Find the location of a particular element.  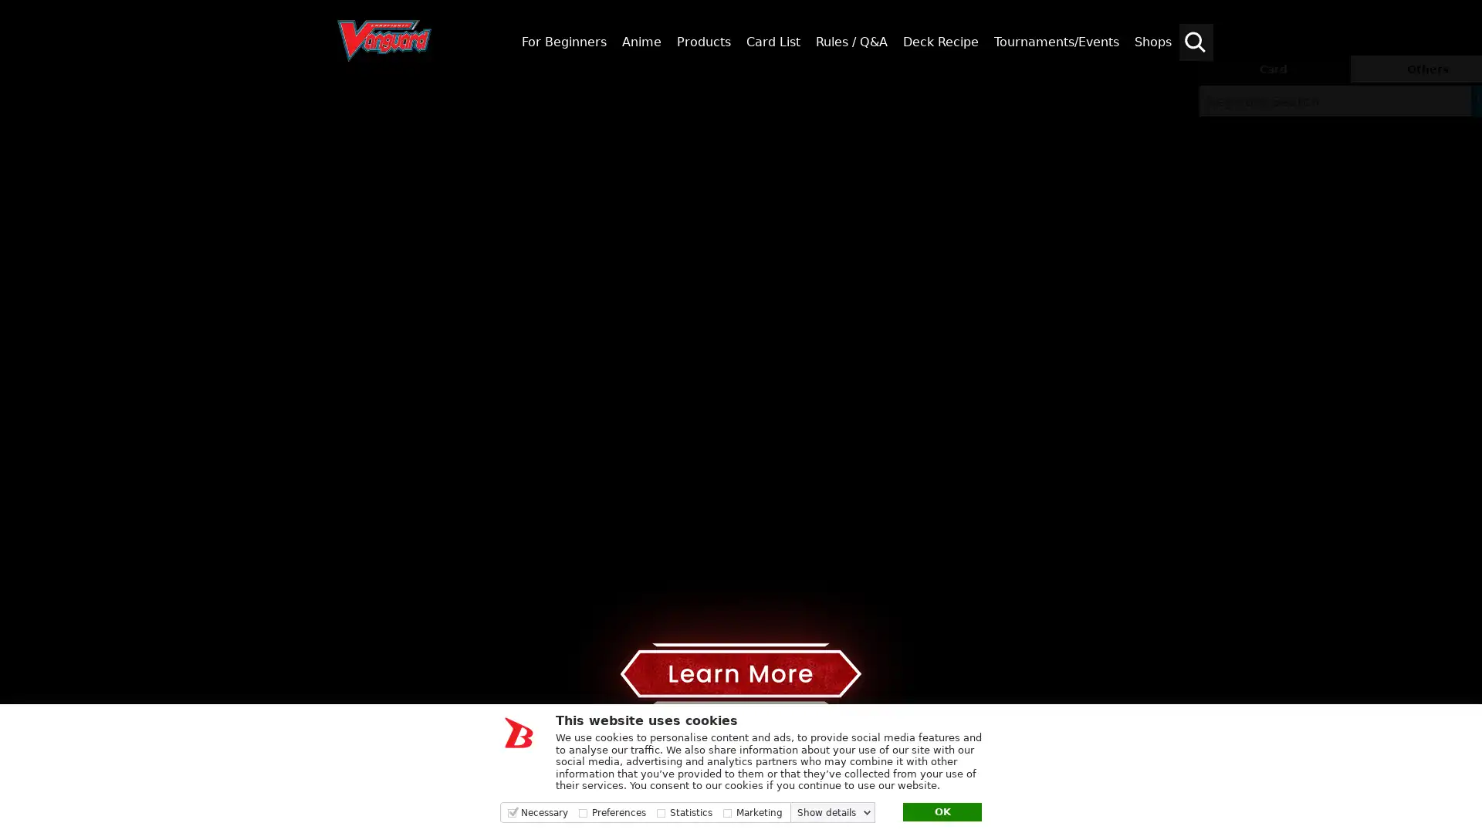

Search is located at coordinates (1463, 98).